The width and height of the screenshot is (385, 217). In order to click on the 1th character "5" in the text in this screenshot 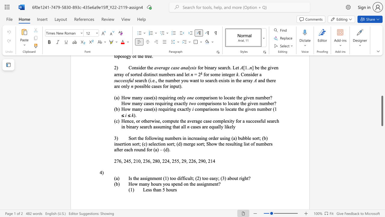, I will do `click(129, 161)`.